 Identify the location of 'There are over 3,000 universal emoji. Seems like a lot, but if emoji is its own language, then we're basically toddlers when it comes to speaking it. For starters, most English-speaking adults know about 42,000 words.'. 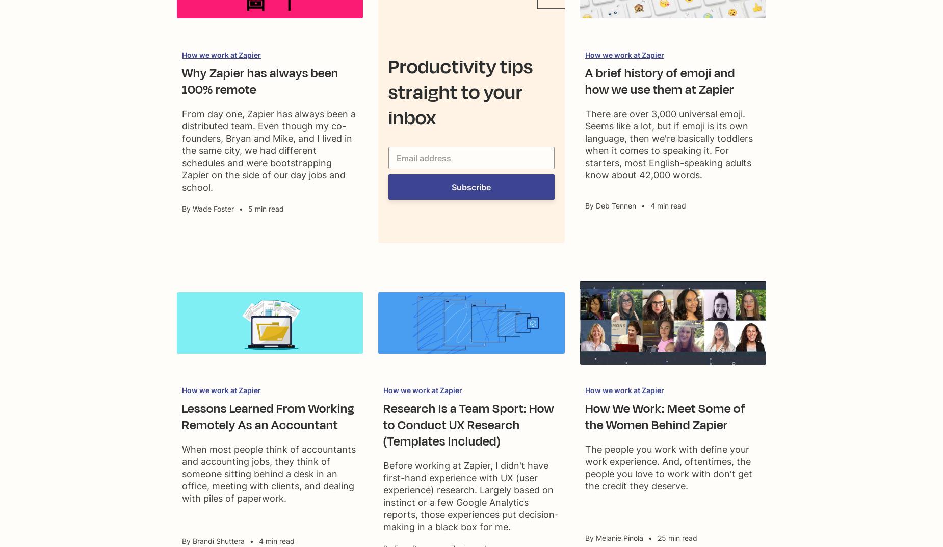
(668, 144).